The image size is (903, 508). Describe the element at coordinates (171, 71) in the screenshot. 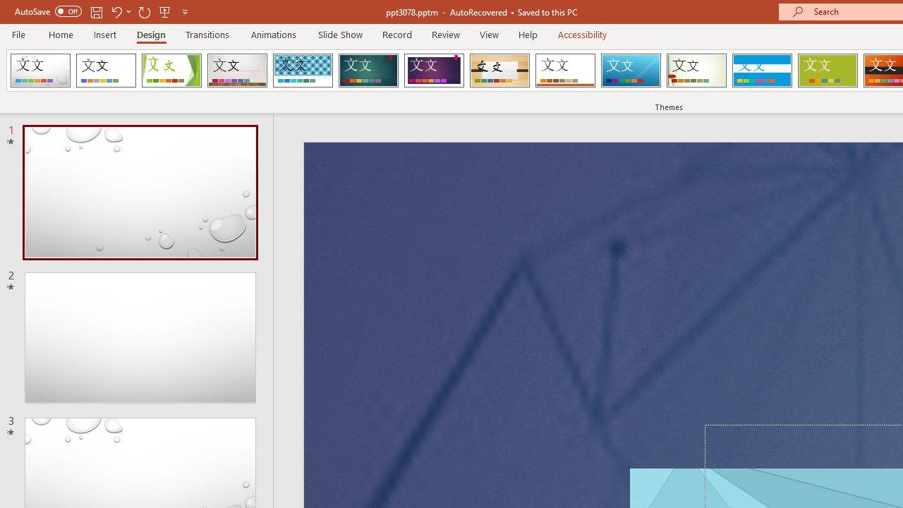

I see `'Facet'` at that location.